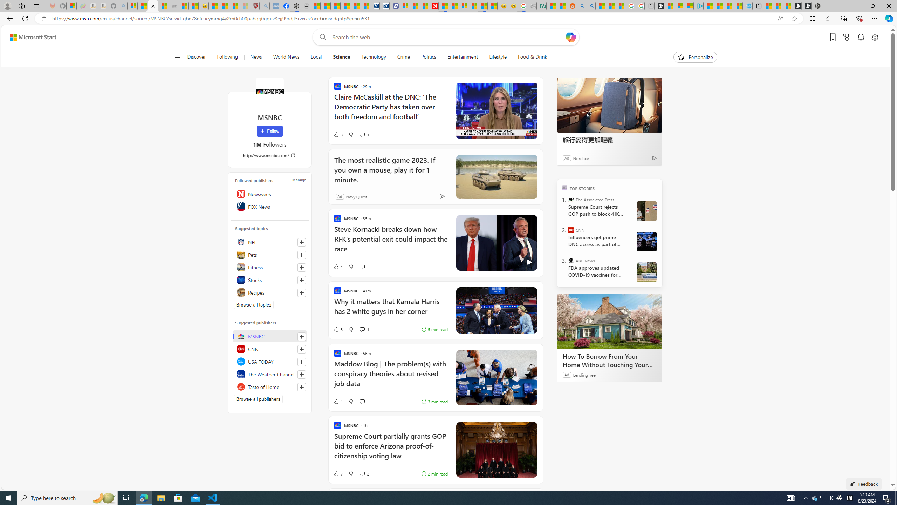  Describe the element at coordinates (316, 57) in the screenshot. I see `'Local'` at that location.